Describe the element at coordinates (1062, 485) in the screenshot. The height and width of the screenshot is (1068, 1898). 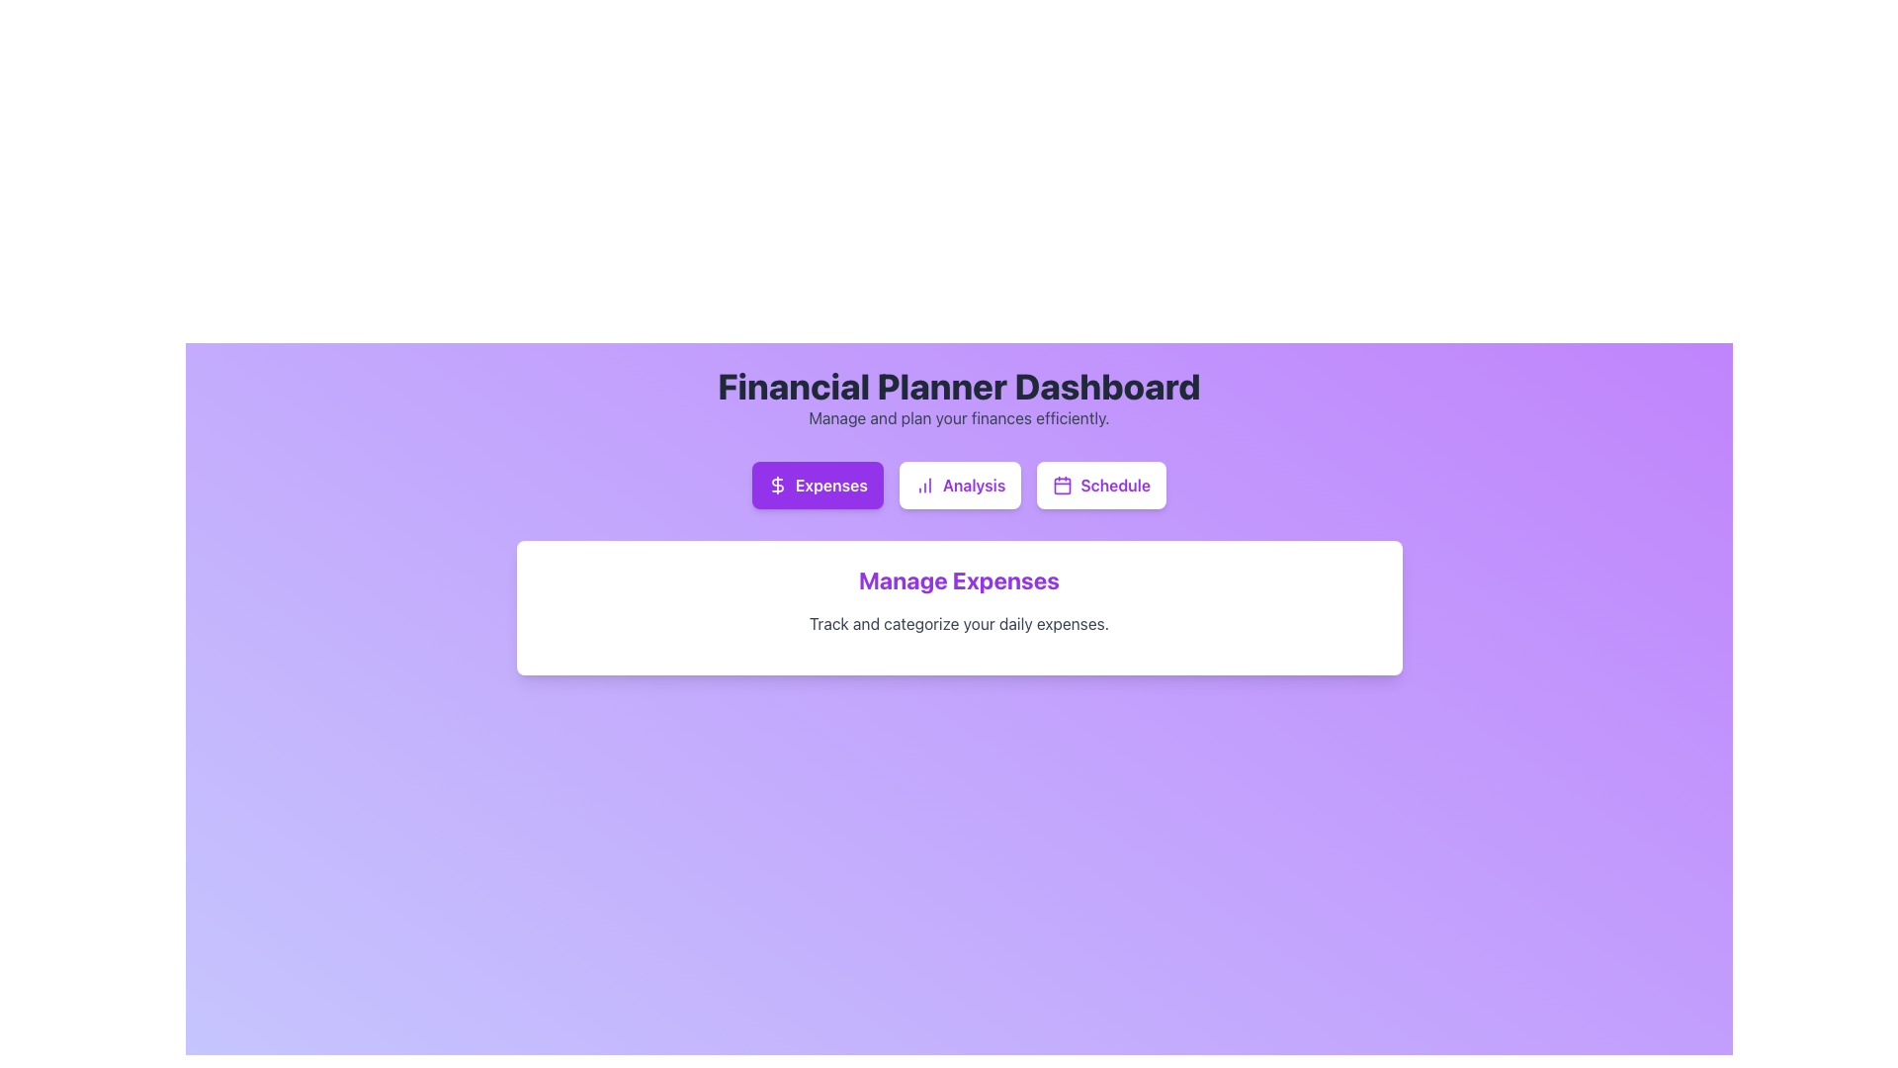
I see `the purple calendar SVG icon located on the left portion of the 'Schedule' button in the upper section of the interface` at that location.